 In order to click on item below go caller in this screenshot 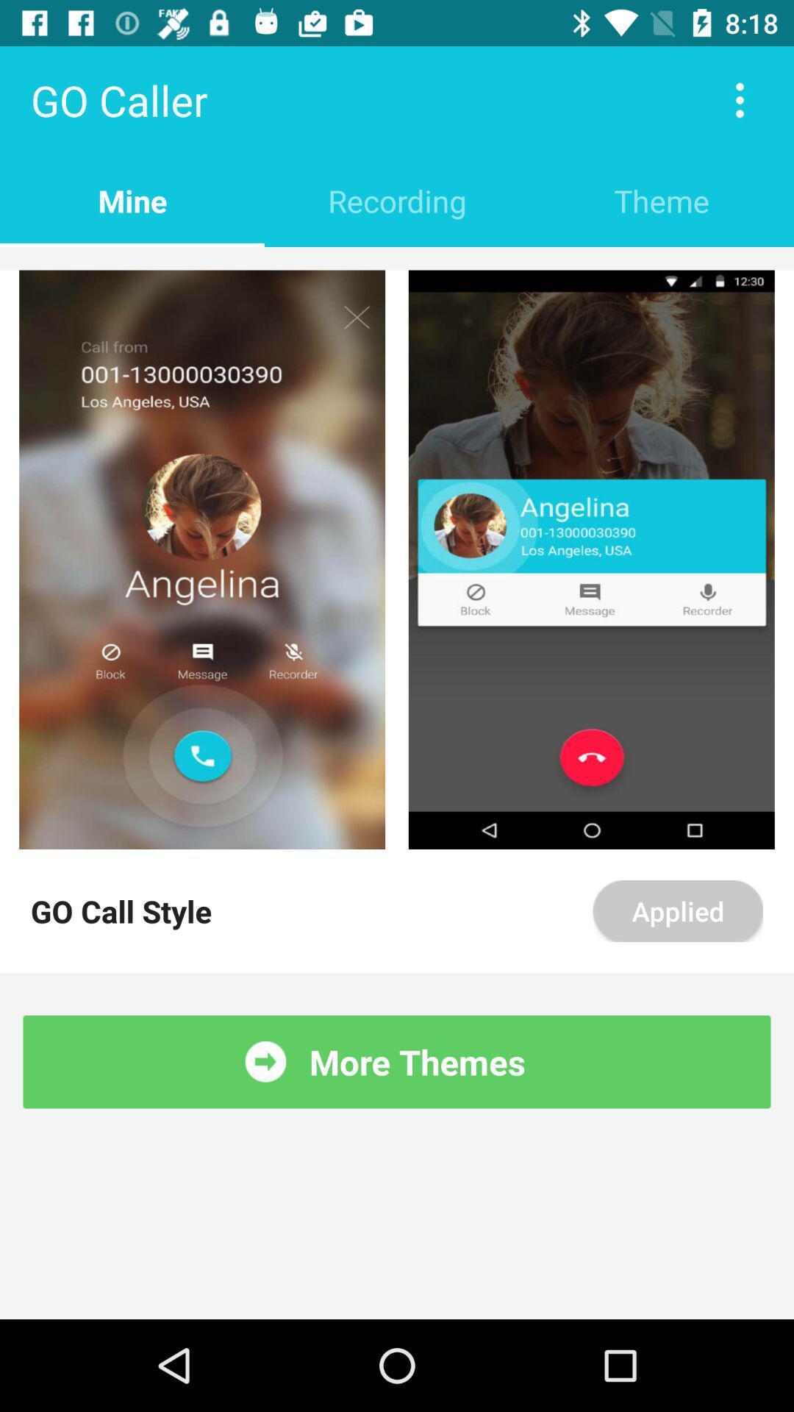, I will do `click(397, 200)`.